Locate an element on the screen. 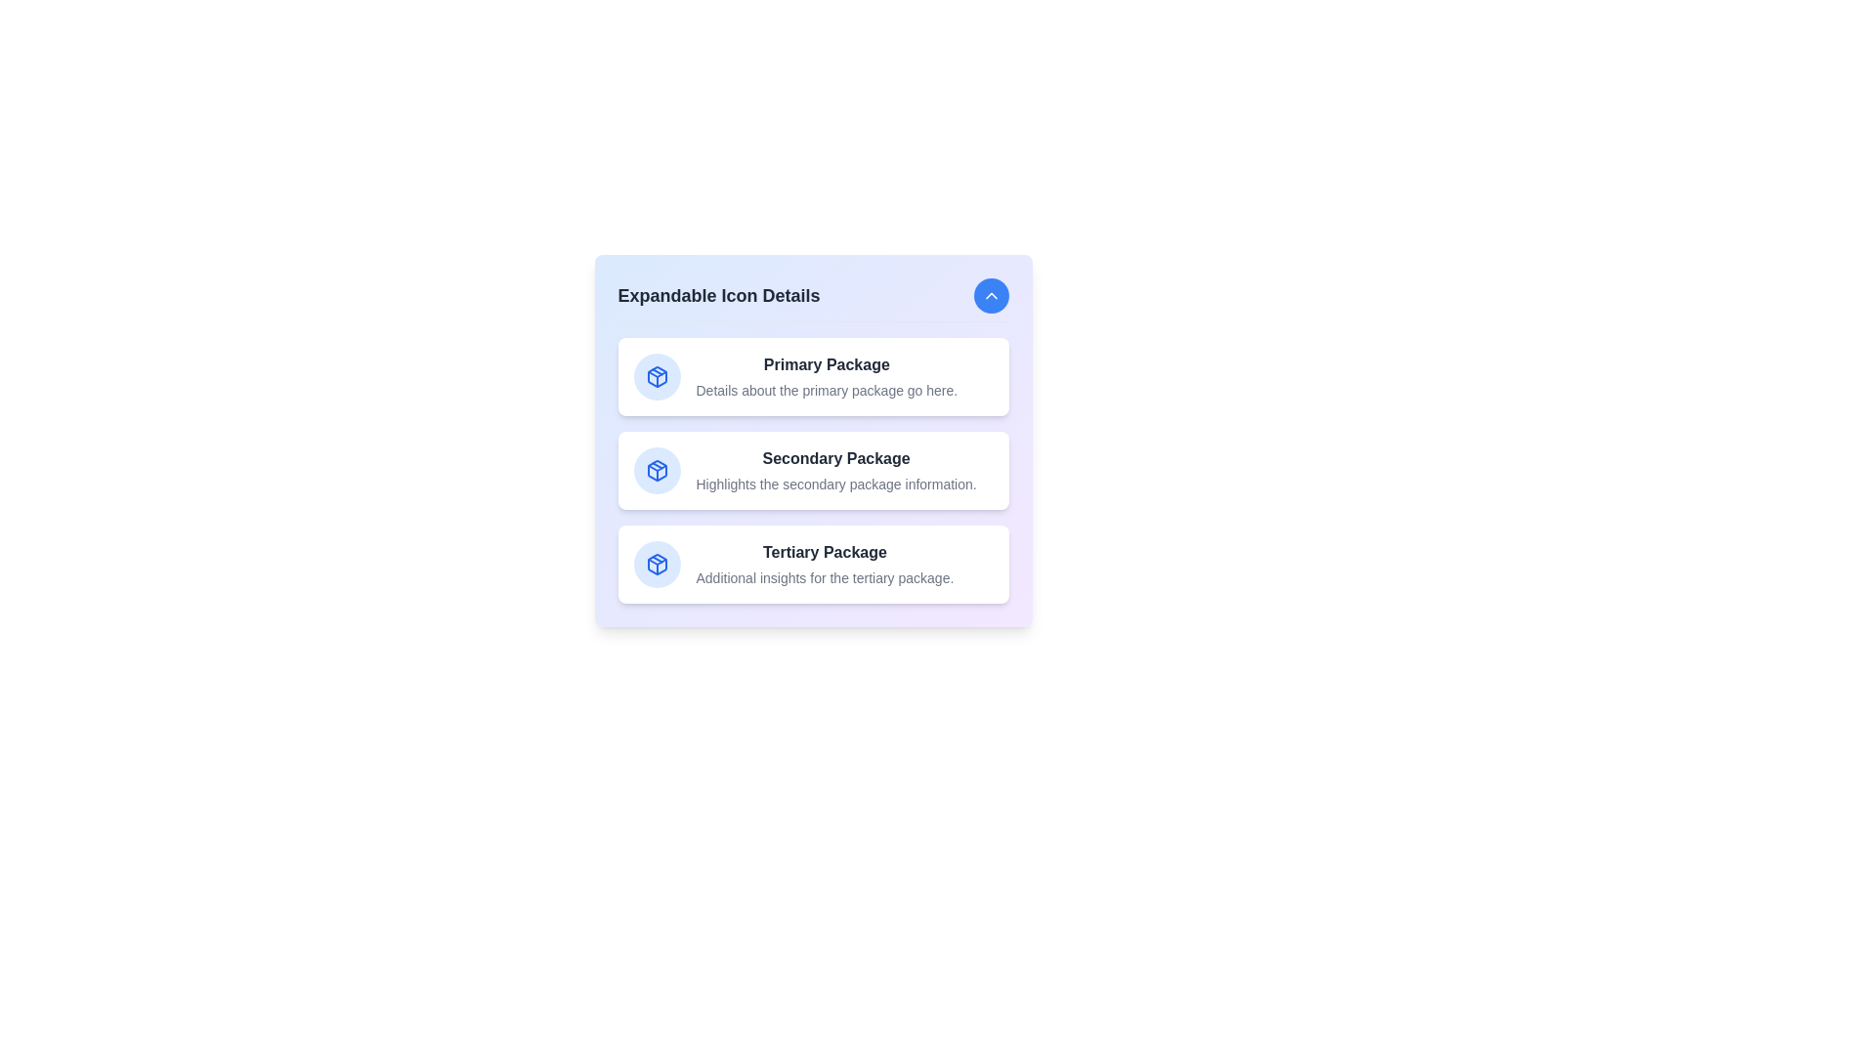  the middle block of the secondary package description located below the header 'Expandable Icon Details' is located at coordinates (813, 471).